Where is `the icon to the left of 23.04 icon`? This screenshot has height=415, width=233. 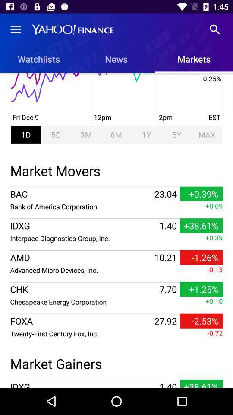 the icon to the left of 23.04 icon is located at coordinates (81, 194).